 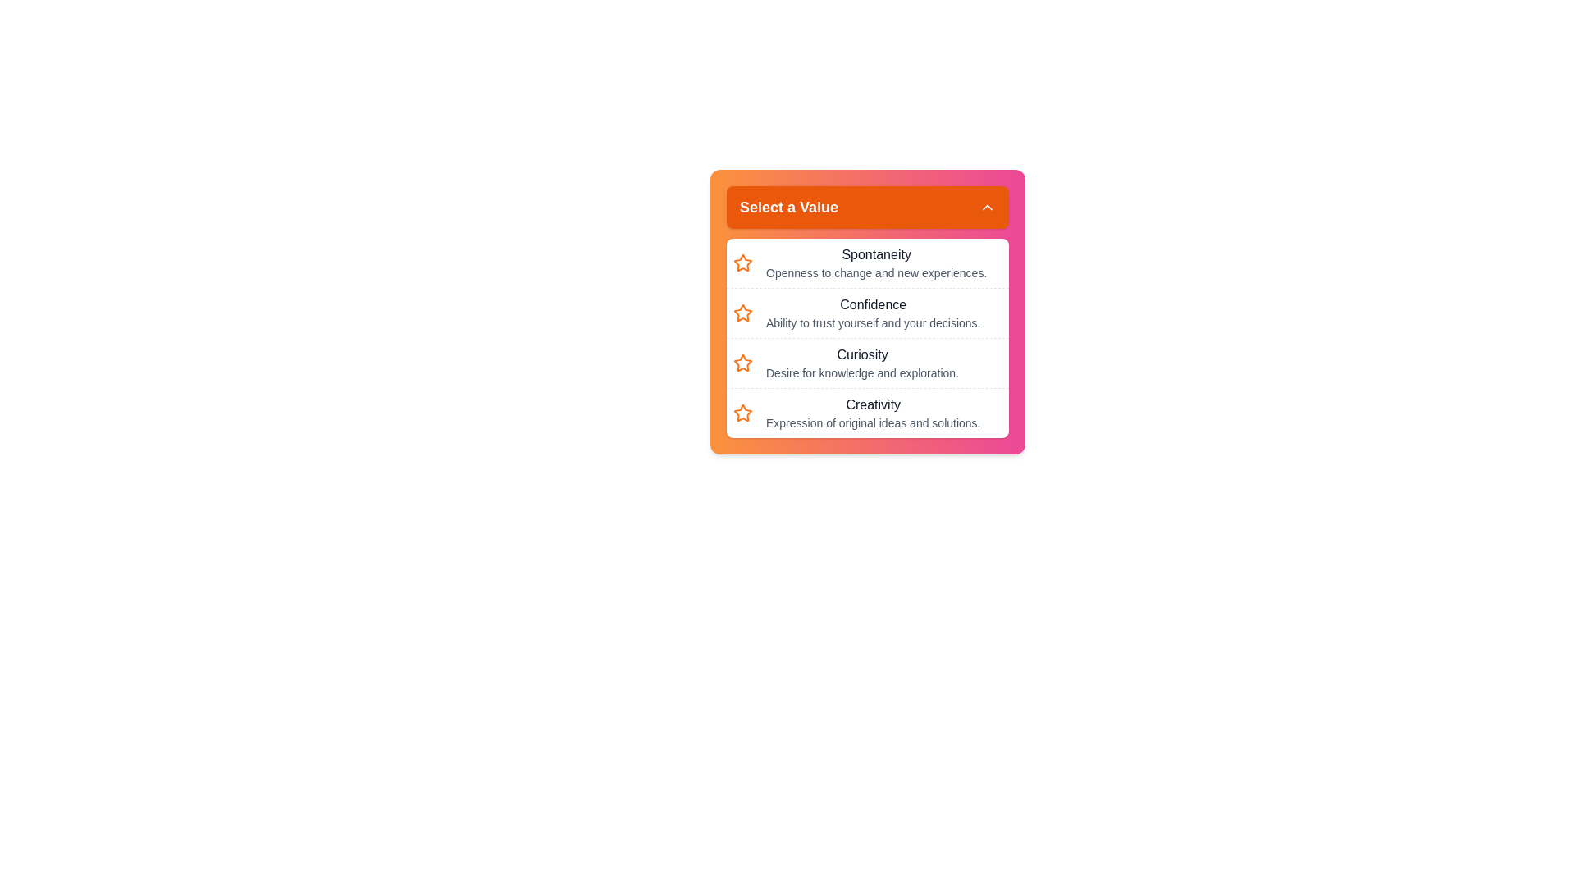 What do you see at coordinates (872, 422) in the screenshot?
I see `text snippet 'Expression of original ideas and solutions.' located beneath the header 'Creativity' in the dropdown list titled 'Select a Value'` at bounding box center [872, 422].